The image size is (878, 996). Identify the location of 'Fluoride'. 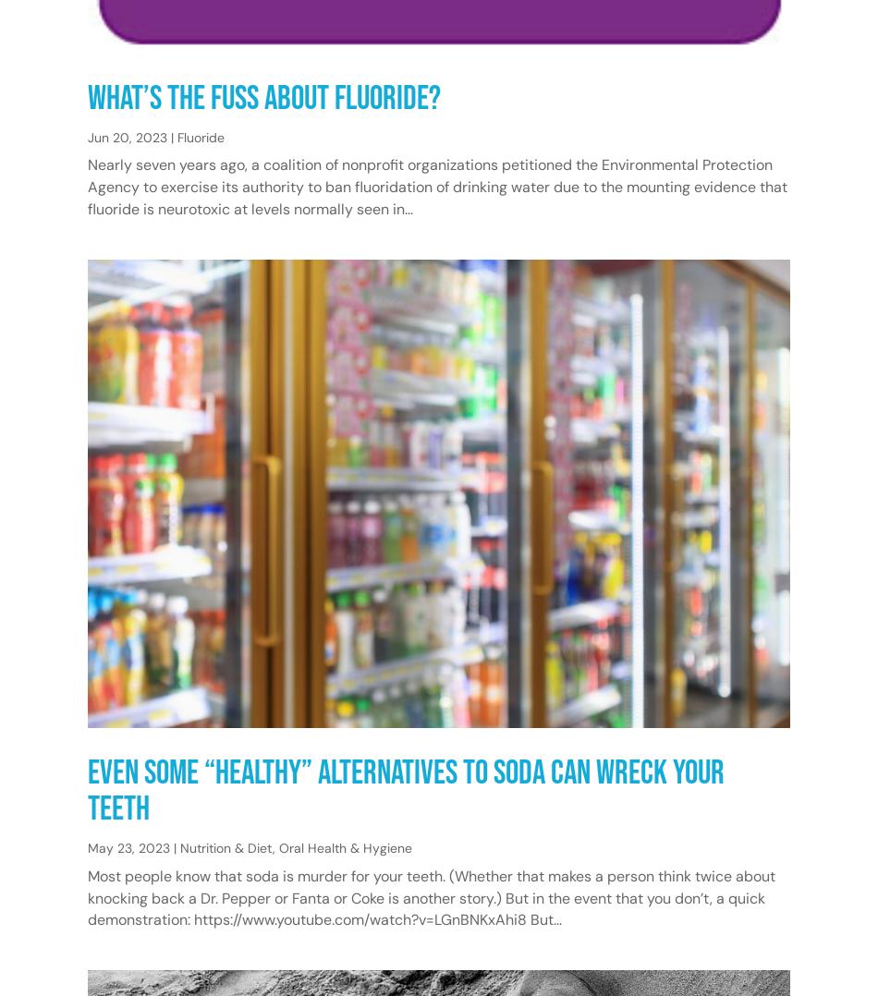
(201, 137).